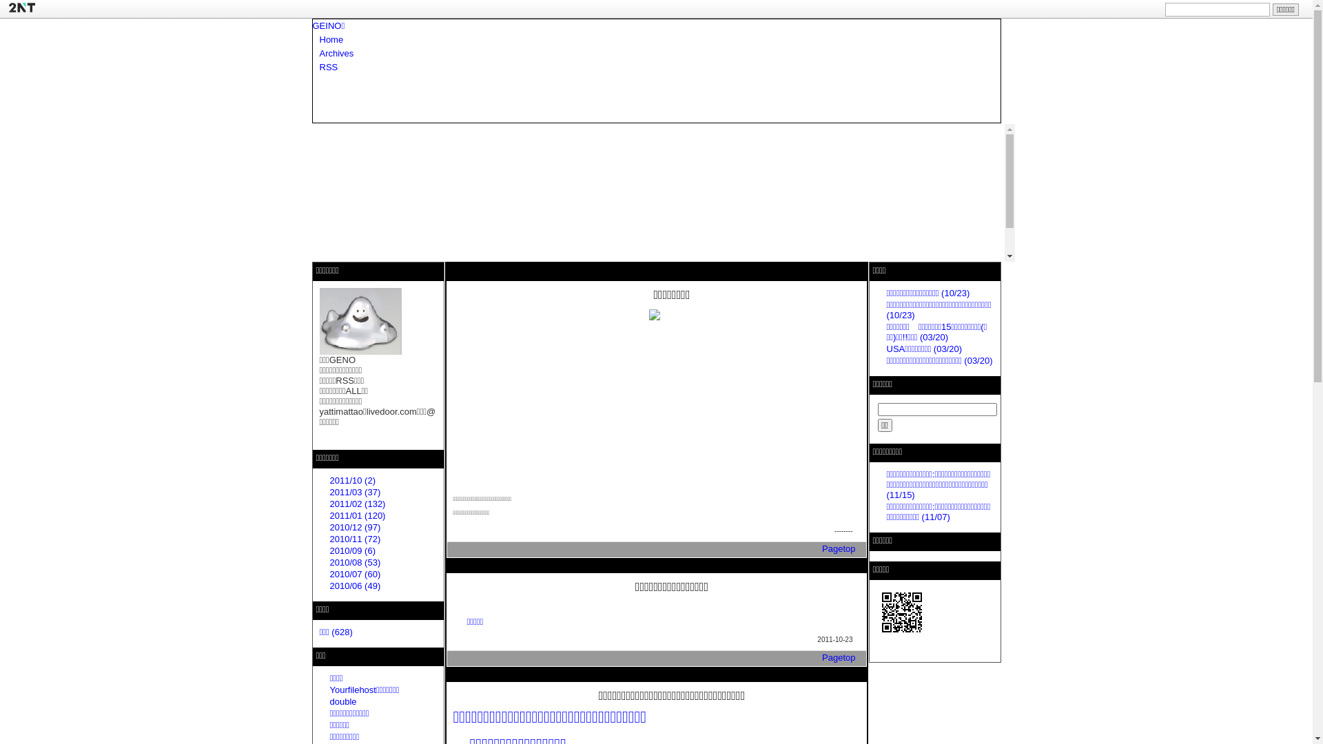 The height and width of the screenshot is (744, 1323). Describe the element at coordinates (354, 586) in the screenshot. I see `'2010/06 (49)'` at that location.